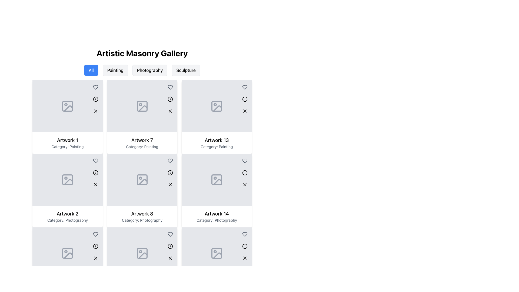  What do you see at coordinates (142, 213) in the screenshot?
I see `the main identification label for the displayed artwork, which is centrally located in the middle column above the 'Category: Photography' label and below the image placeholder` at bounding box center [142, 213].